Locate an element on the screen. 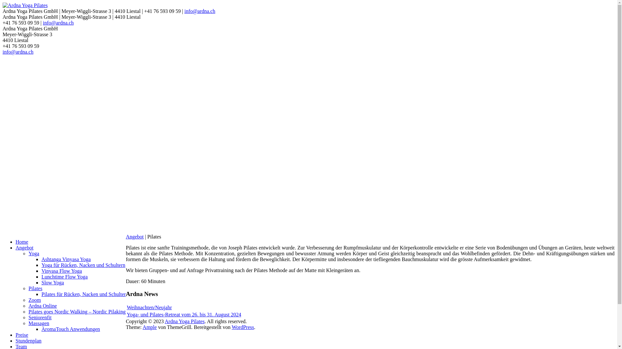 The width and height of the screenshot is (622, 349). 'info@ardna.ch' is located at coordinates (3, 51).